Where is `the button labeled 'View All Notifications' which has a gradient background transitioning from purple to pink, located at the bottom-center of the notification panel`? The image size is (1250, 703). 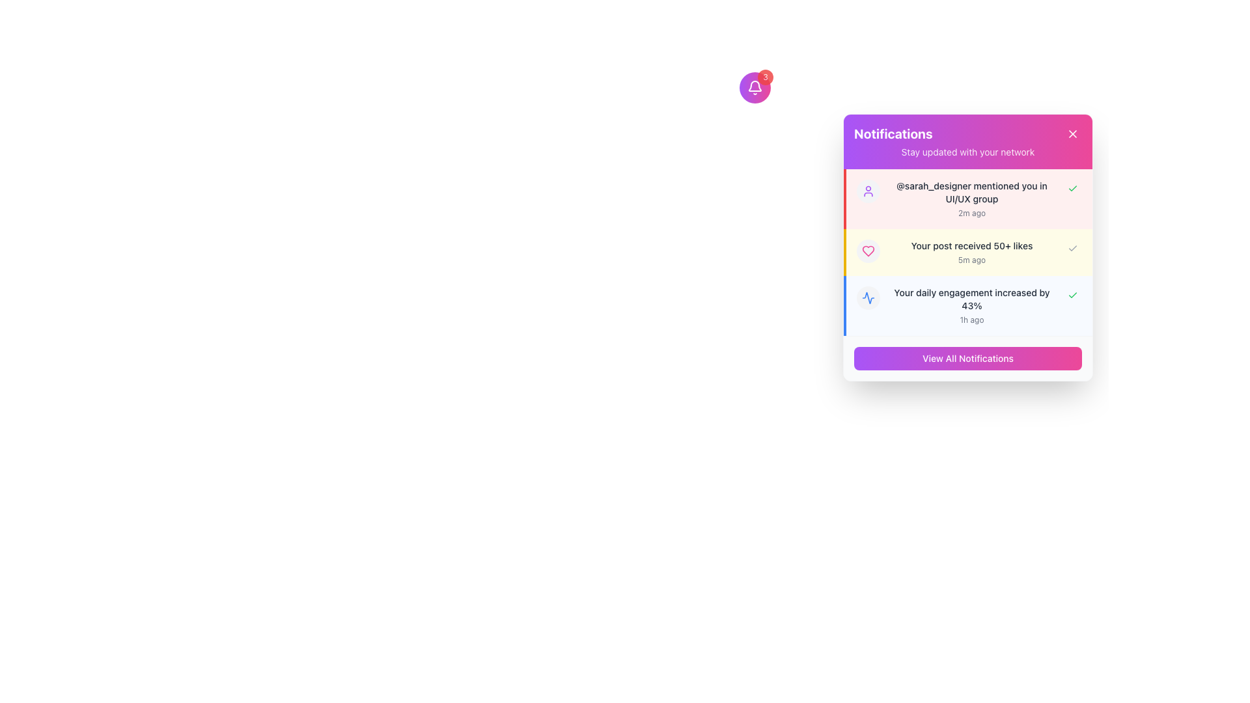 the button labeled 'View All Notifications' which has a gradient background transitioning from purple to pink, located at the bottom-center of the notification panel is located at coordinates (968, 359).